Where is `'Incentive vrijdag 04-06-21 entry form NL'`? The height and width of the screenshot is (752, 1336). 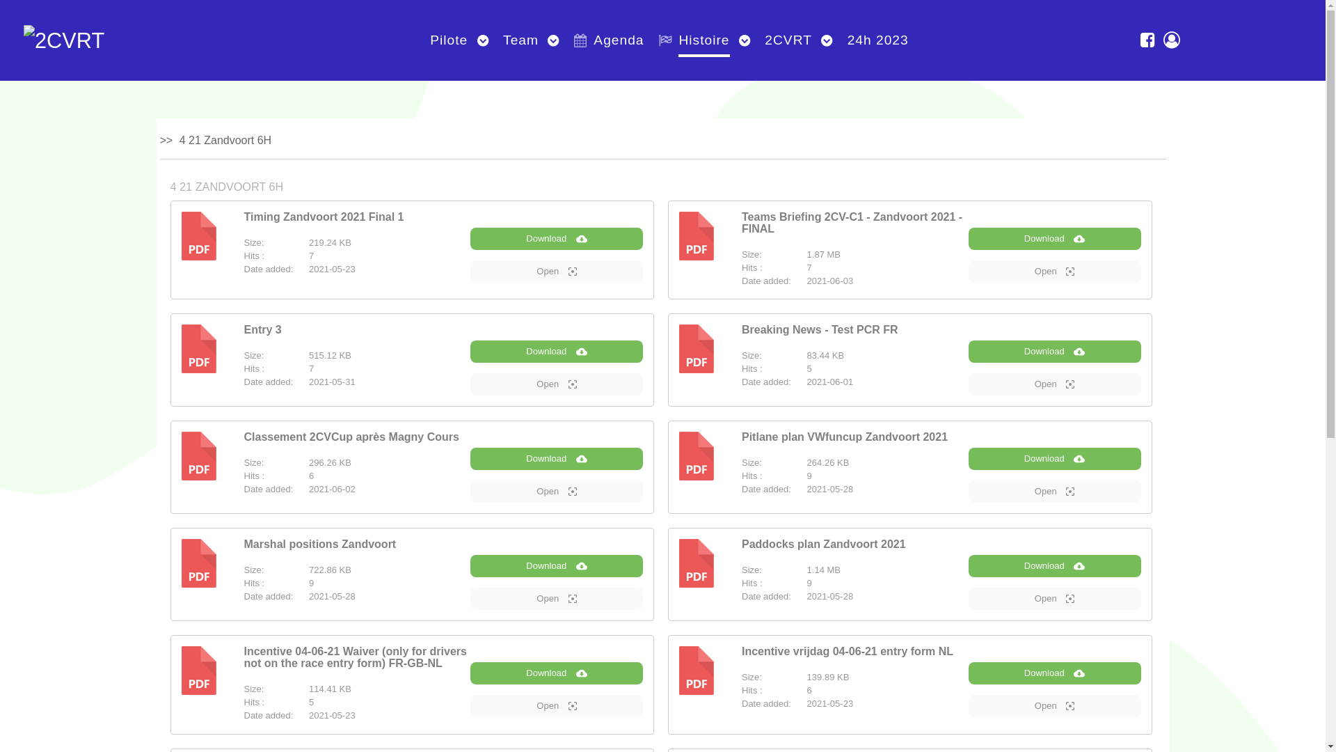
'Incentive vrijdag 04-06-21 entry form NL' is located at coordinates (740, 651).